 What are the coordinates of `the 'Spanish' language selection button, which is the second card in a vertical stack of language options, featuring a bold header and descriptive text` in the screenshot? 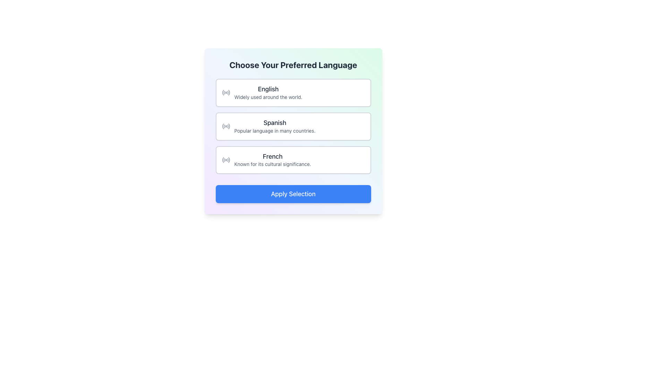 It's located at (293, 126).